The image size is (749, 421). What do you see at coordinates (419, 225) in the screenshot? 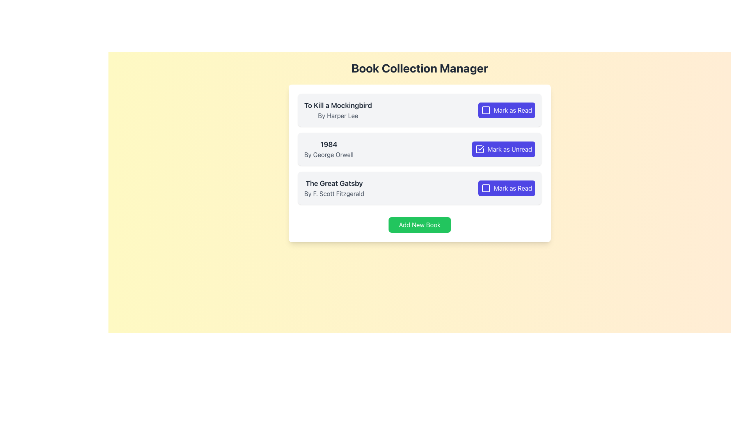
I see `the 'Add New Book' button` at bounding box center [419, 225].